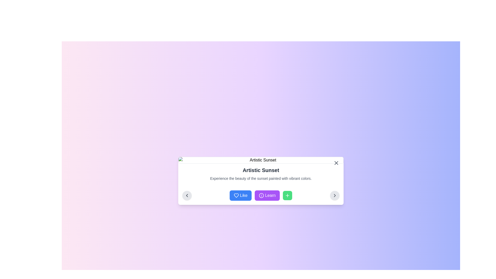 Image resolution: width=496 pixels, height=279 pixels. Describe the element at coordinates (187, 195) in the screenshot. I see `the Chevron Left icon, which is a leftward arrow styled as a chevron` at that location.